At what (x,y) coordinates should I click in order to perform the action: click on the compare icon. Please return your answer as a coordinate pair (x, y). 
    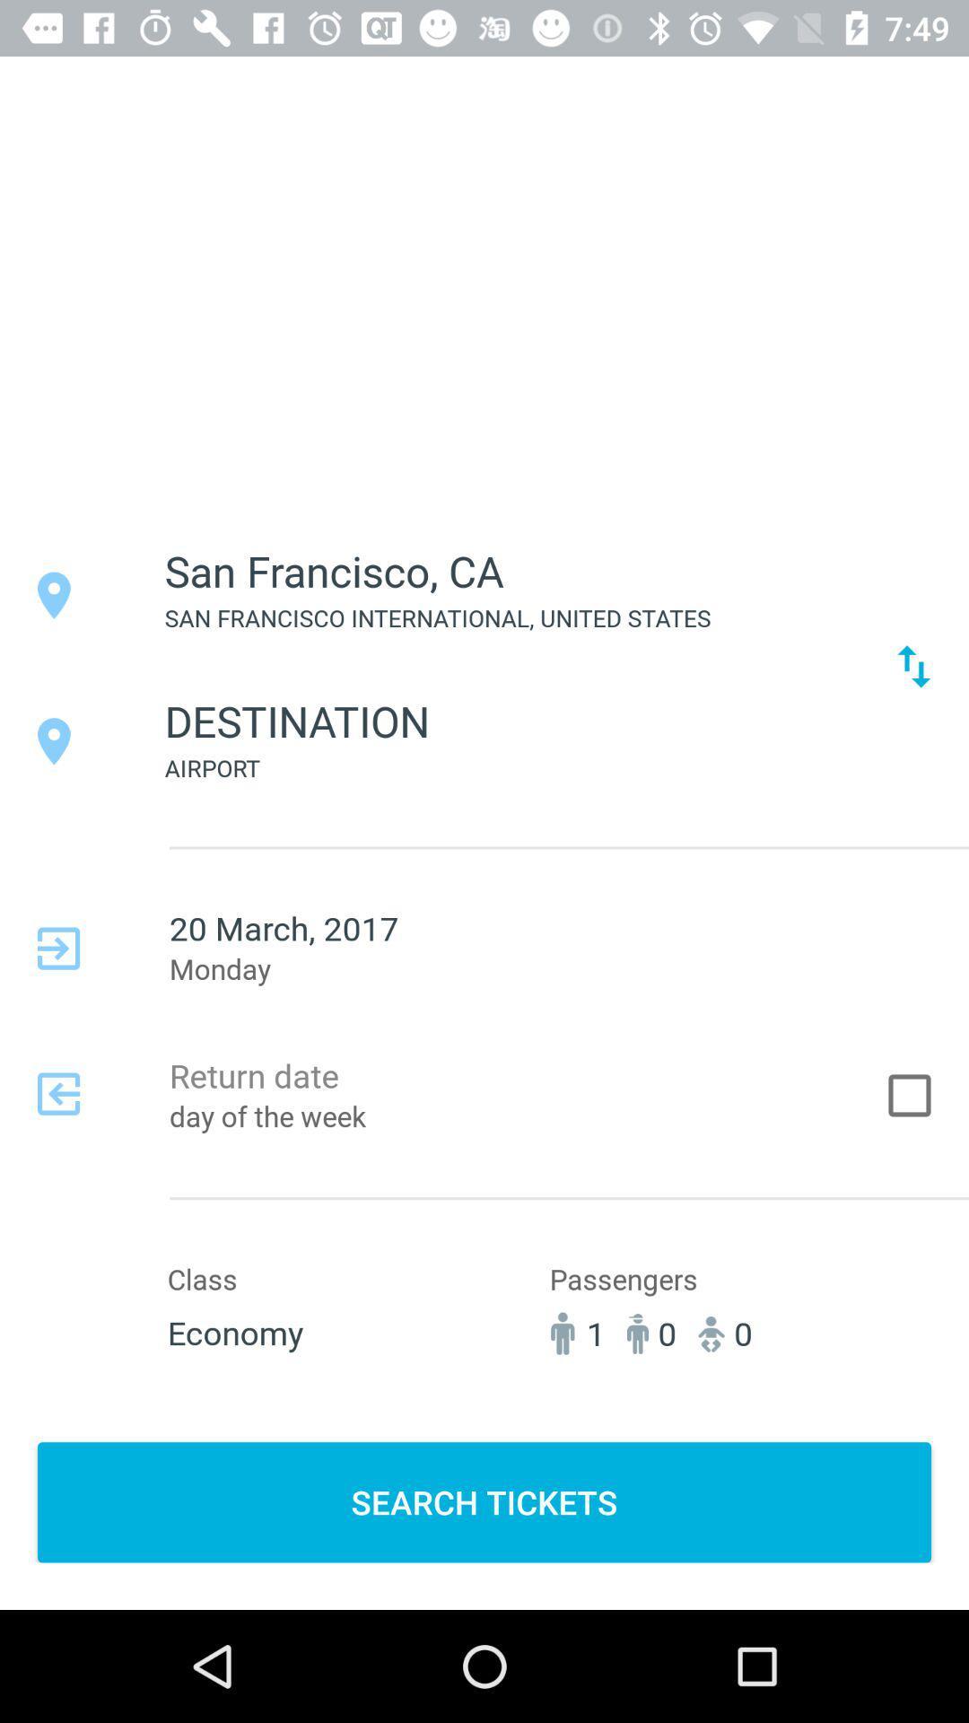
    Looking at the image, I should click on (913, 665).